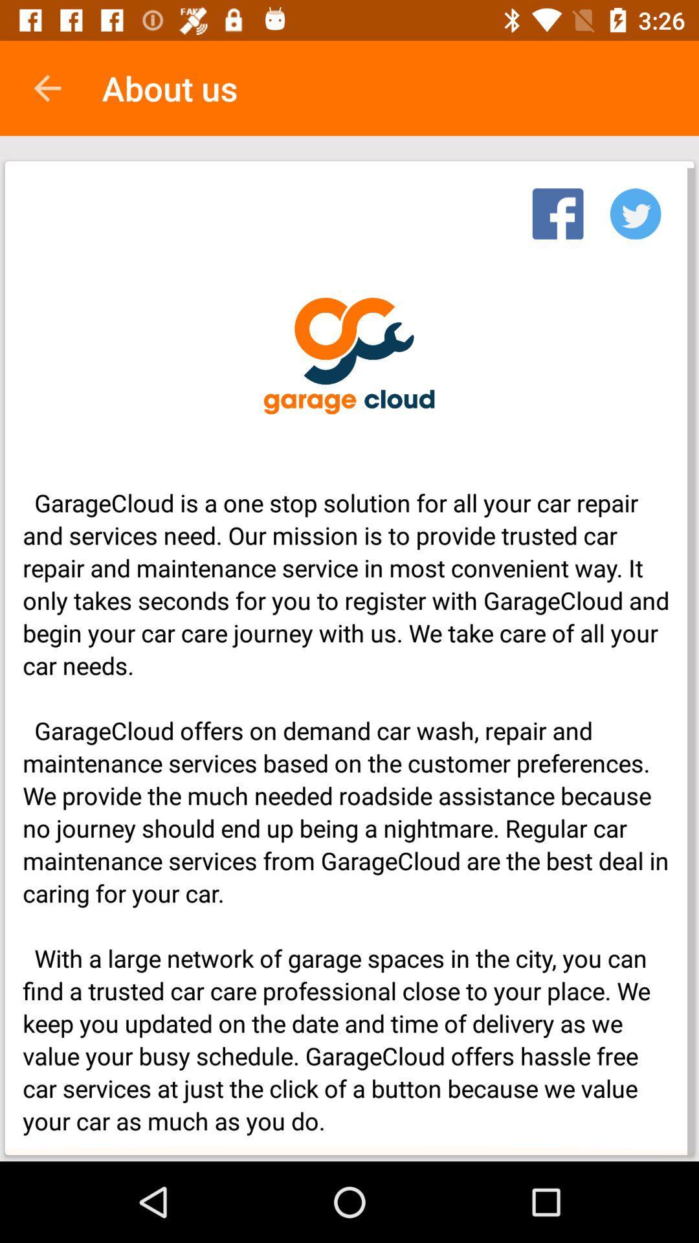 This screenshot has height=1243, width=699. What do you see at coordinates (47, 87) in the screenshot?
I see `the icon to the left of about us` at bounding box center [47, 87].